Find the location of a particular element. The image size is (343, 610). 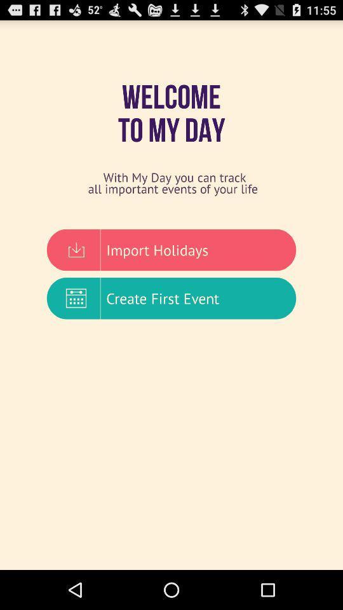

import holidays is located at coordinates (171, 249).